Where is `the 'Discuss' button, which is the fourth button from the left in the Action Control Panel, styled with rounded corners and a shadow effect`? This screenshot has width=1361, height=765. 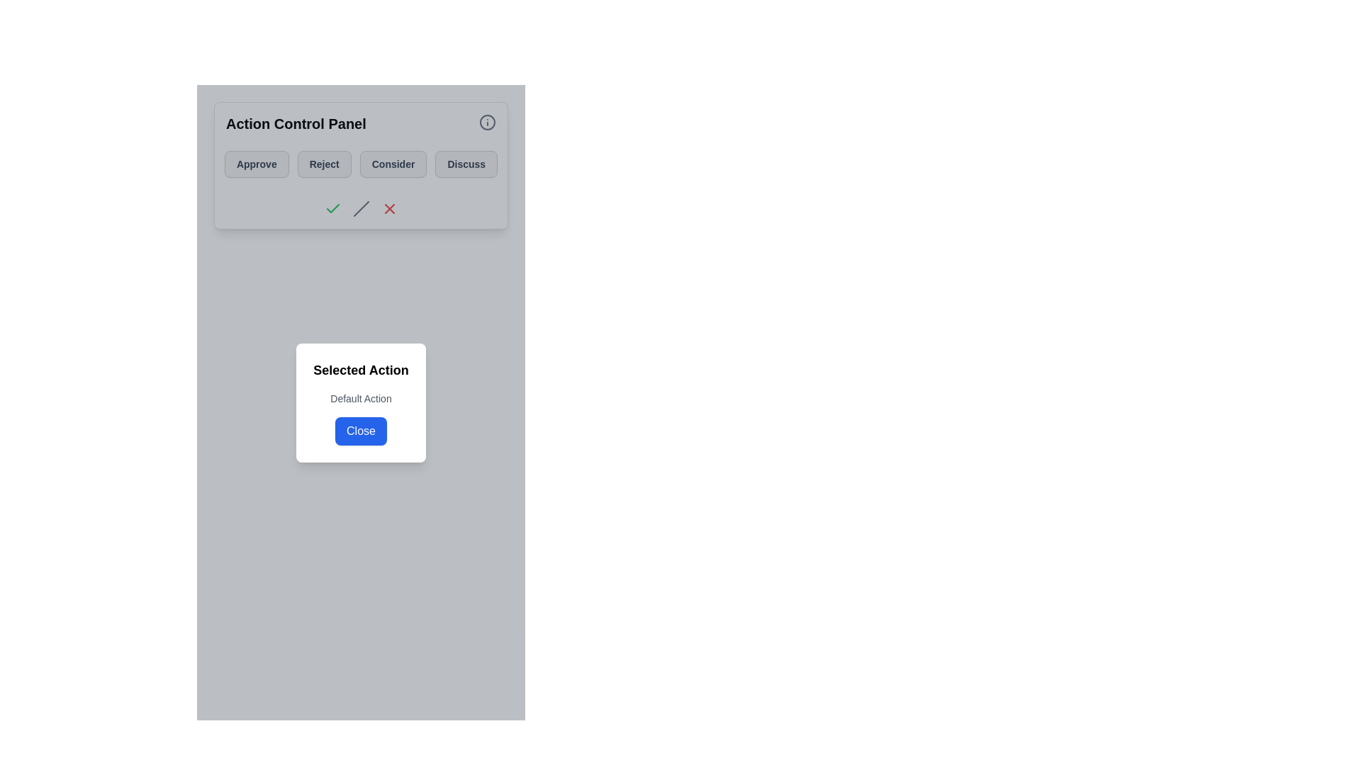 the 'Discuss' button, which is the fourth button from the left in the Action Control Panel, styled with rounded corners and a shadow effect is located at coordinates (466, 163).